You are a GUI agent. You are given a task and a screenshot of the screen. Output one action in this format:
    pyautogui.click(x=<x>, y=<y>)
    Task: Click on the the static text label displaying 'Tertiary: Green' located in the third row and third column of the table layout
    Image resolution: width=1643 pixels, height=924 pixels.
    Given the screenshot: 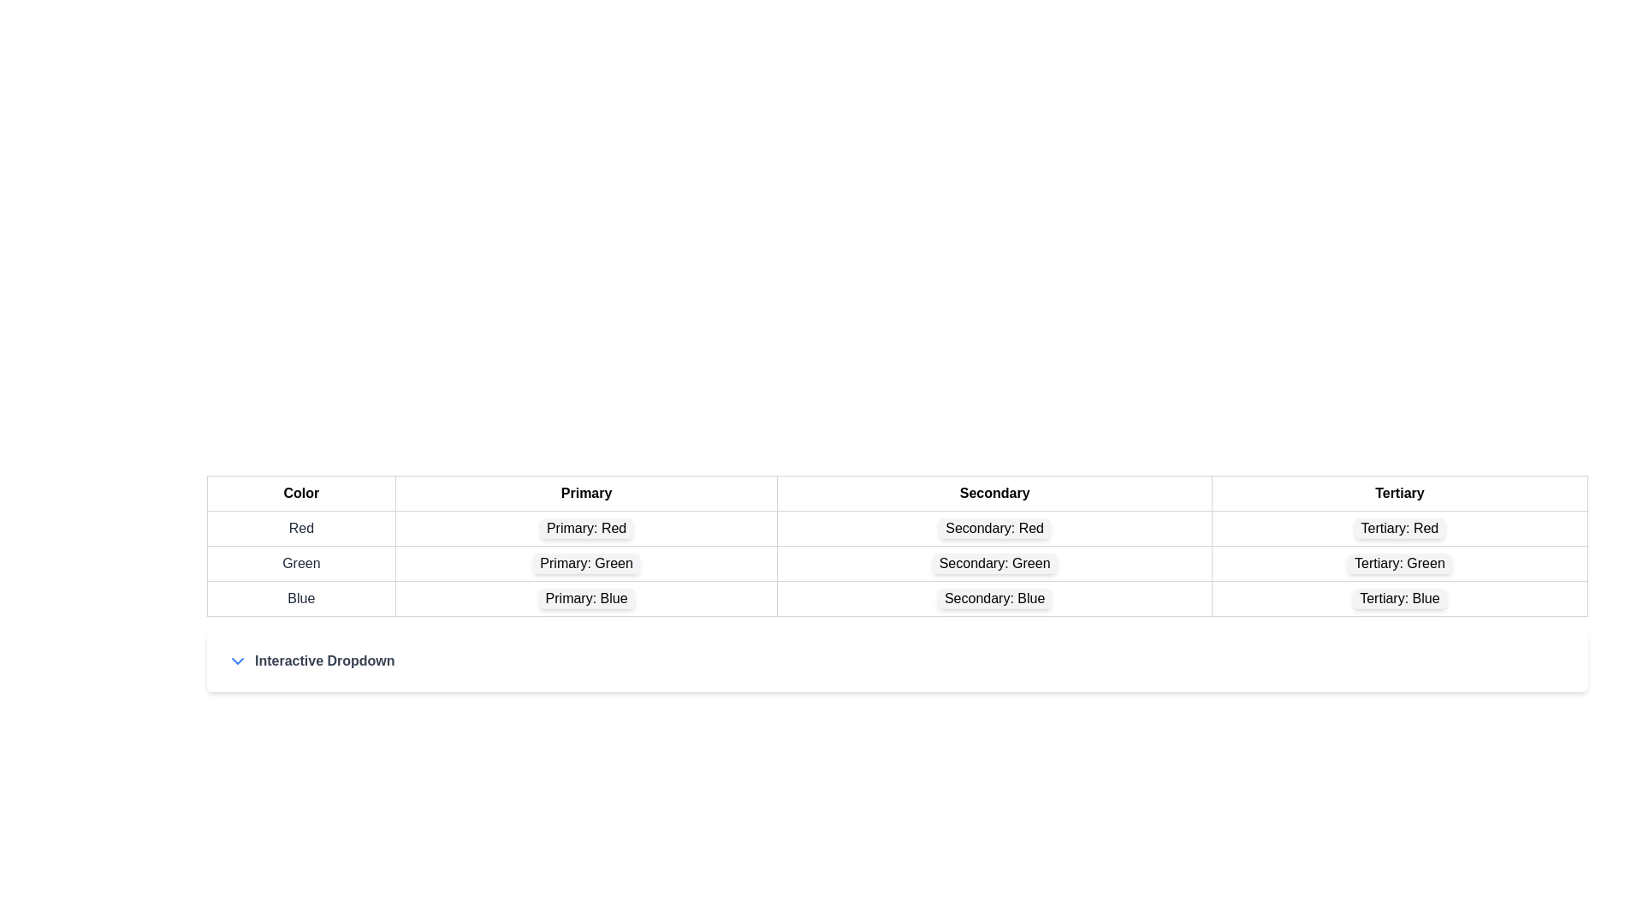 What is the action you would take?
    pyautogui.click(x=1399, y=564)
    